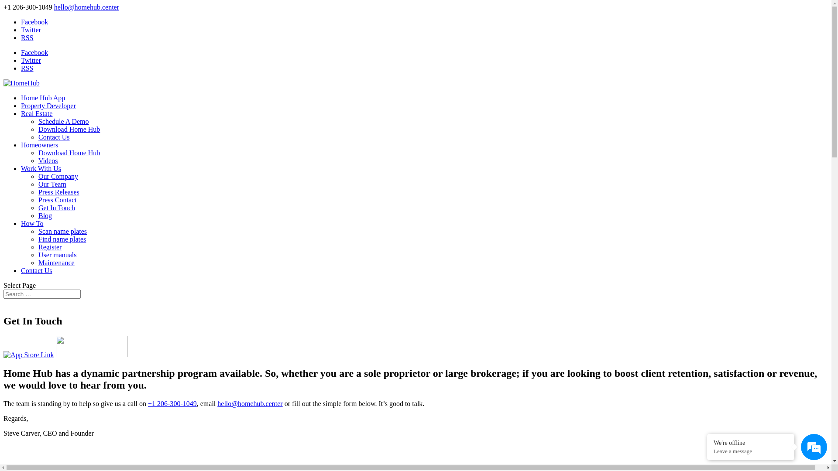 This screenshot has width=838, height=471. What do you see at coordinates (34, 21) in the screenshot?
I see `'Facebook'` at bounding box center [34, 21].